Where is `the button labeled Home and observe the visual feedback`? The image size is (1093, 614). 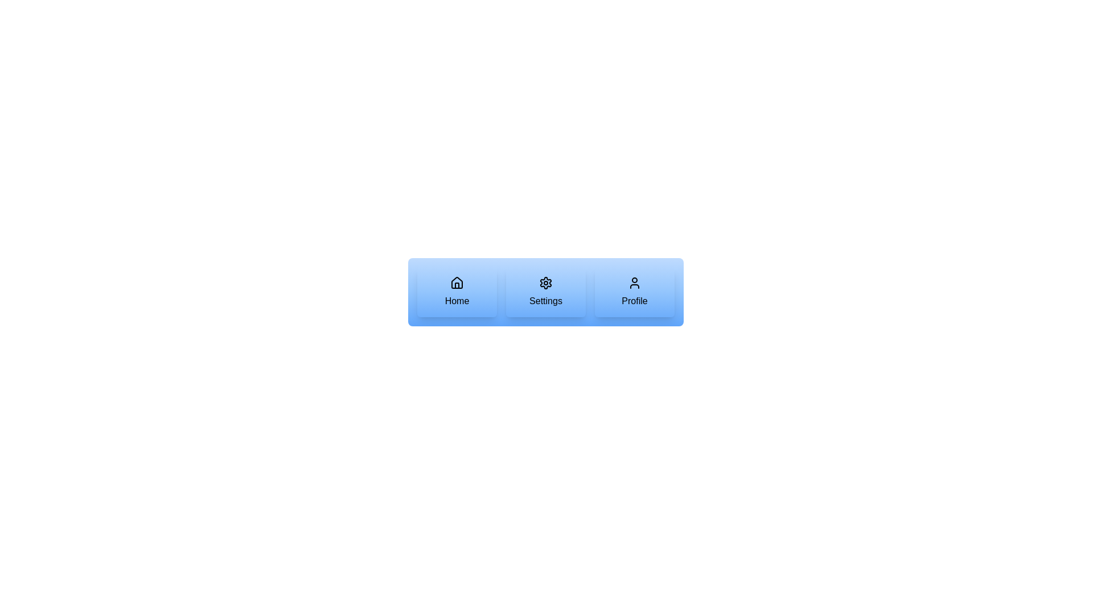
the button labeled Home and observe the visual feedback is located at coordinates (457, 291).